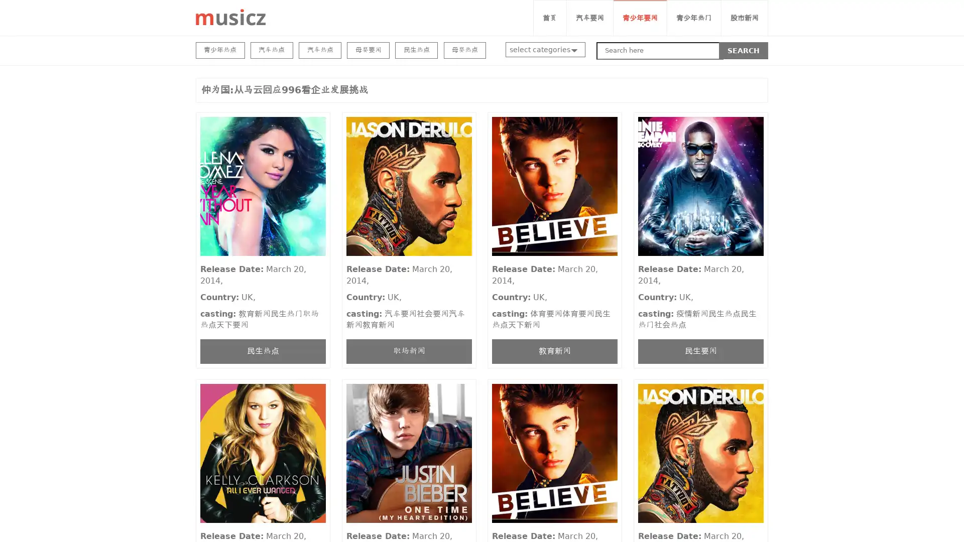 This screenshot has height=542, width=964. Describe the element at coordinates (744, 50) in the screenshot. I see `search` at that location.